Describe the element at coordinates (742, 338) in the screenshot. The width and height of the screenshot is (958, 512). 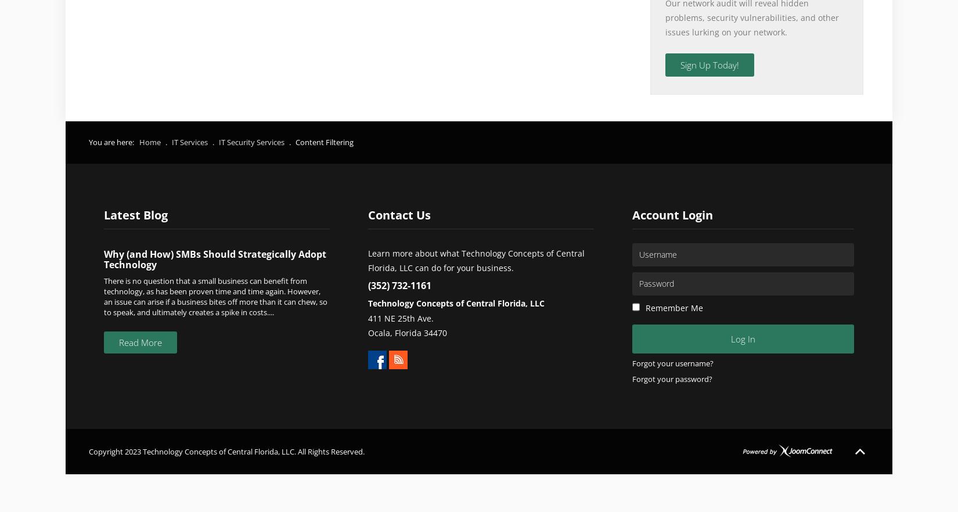
I see `'Log in'` at that location.